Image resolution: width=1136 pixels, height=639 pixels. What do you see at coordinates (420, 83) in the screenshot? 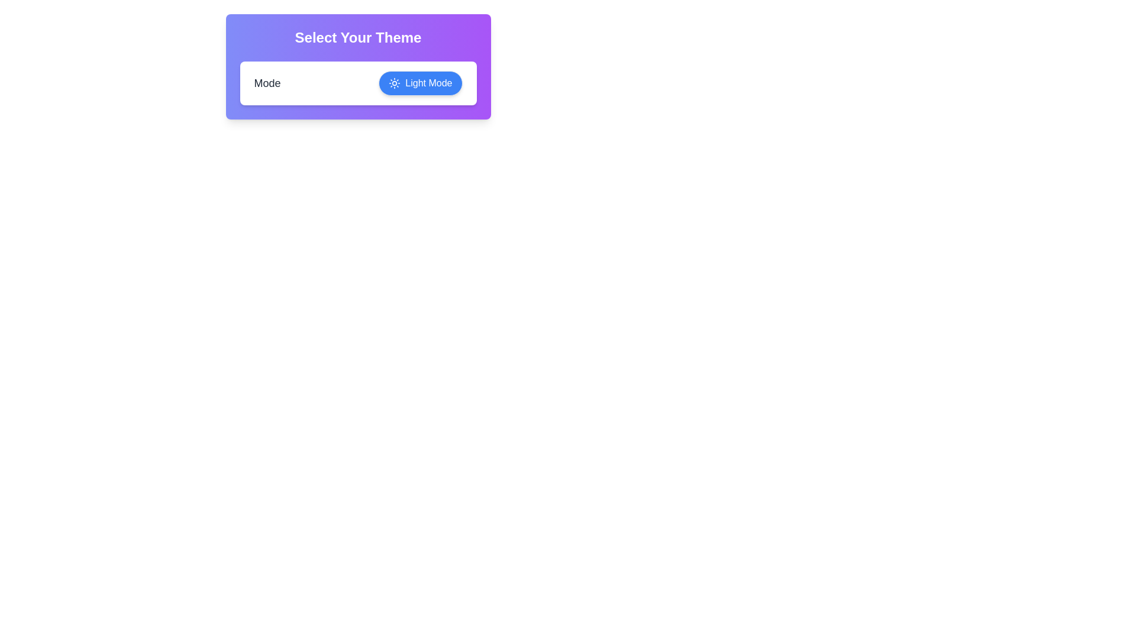
I see `the theme toggle button to switch the theme` at bounding box center [420, 83].